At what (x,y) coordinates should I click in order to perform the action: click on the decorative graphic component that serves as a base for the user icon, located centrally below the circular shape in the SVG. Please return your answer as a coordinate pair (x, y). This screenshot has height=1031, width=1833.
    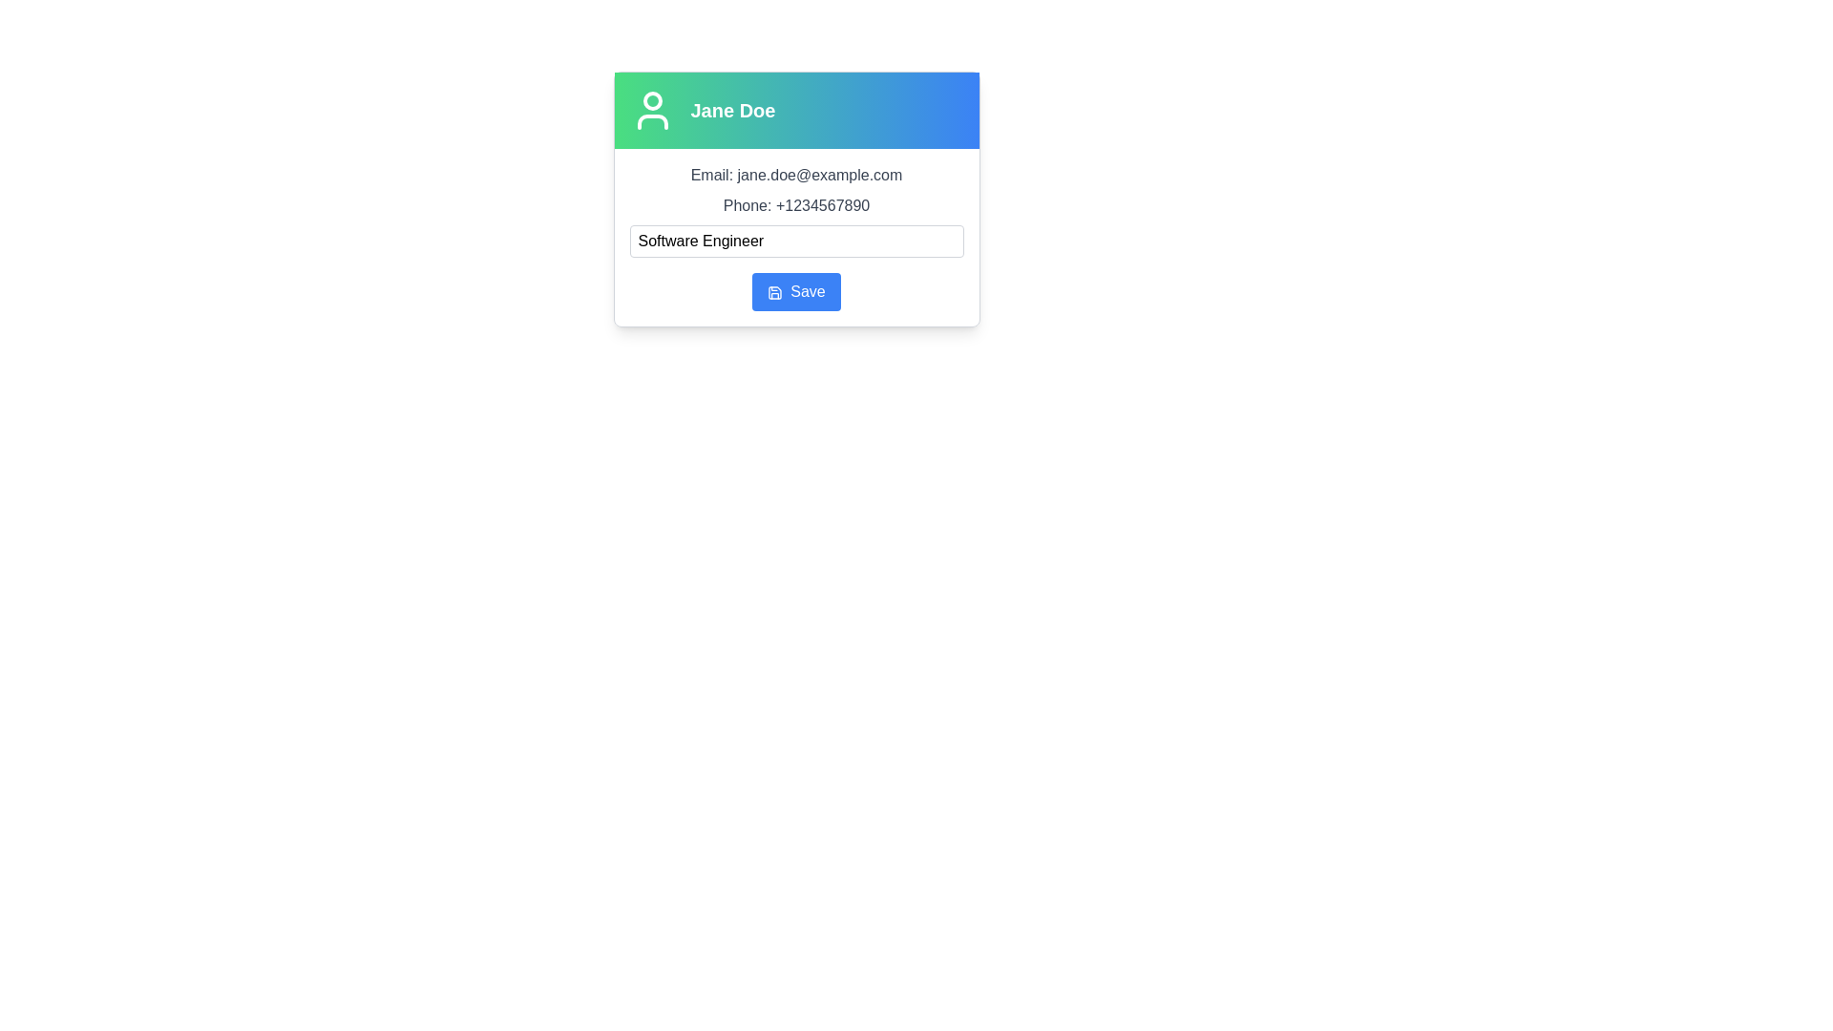
    Looking at the image, I should click on (652, 121).